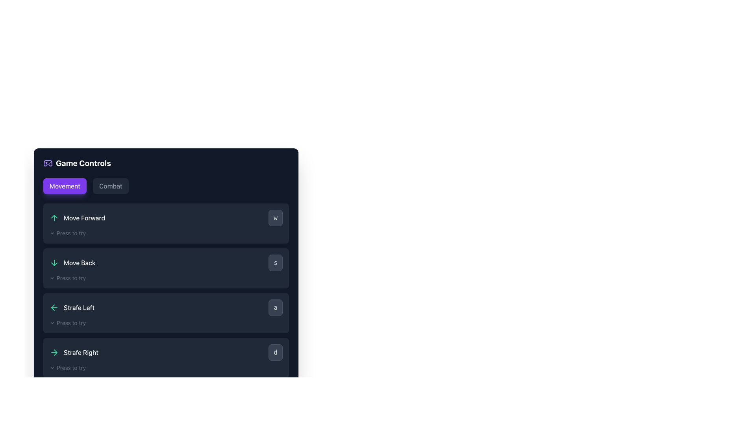  I want to click on the presence of the down arrow icon located to the left of the 'Press to try' text label in the 'Game Controls' section, so click(52, 323).